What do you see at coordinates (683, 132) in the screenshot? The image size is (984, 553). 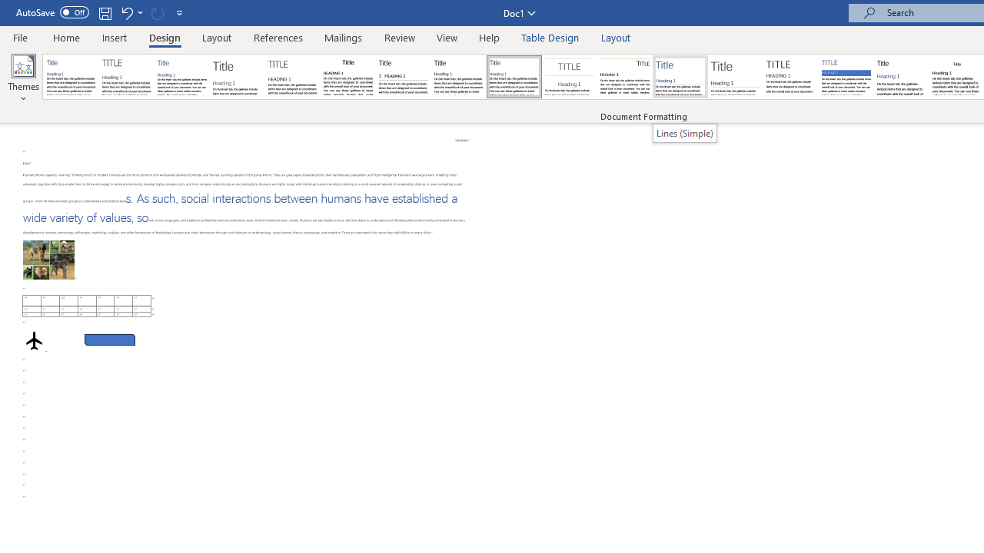 I see `'Lines (Simple)'` at bounding box center [683, 132].